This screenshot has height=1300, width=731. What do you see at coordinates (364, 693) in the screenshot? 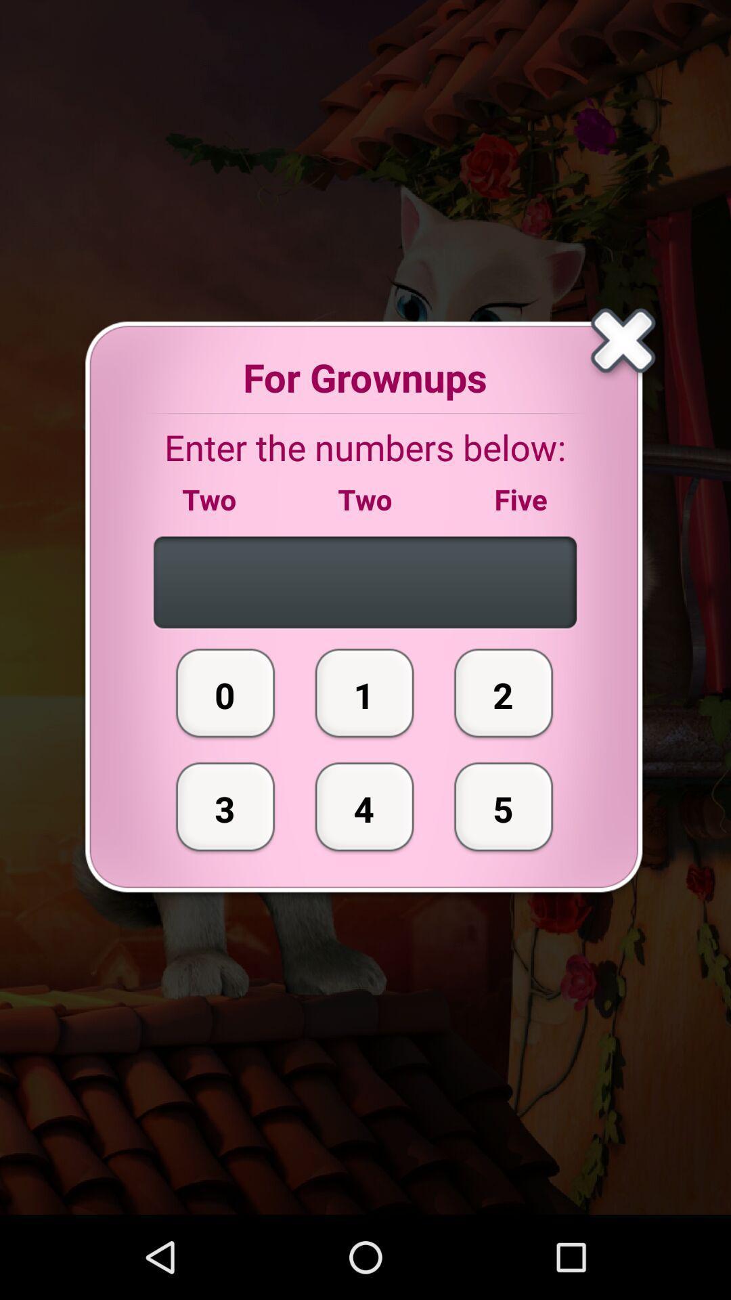
I see `icon above 4` at bounding box center [364, 693].